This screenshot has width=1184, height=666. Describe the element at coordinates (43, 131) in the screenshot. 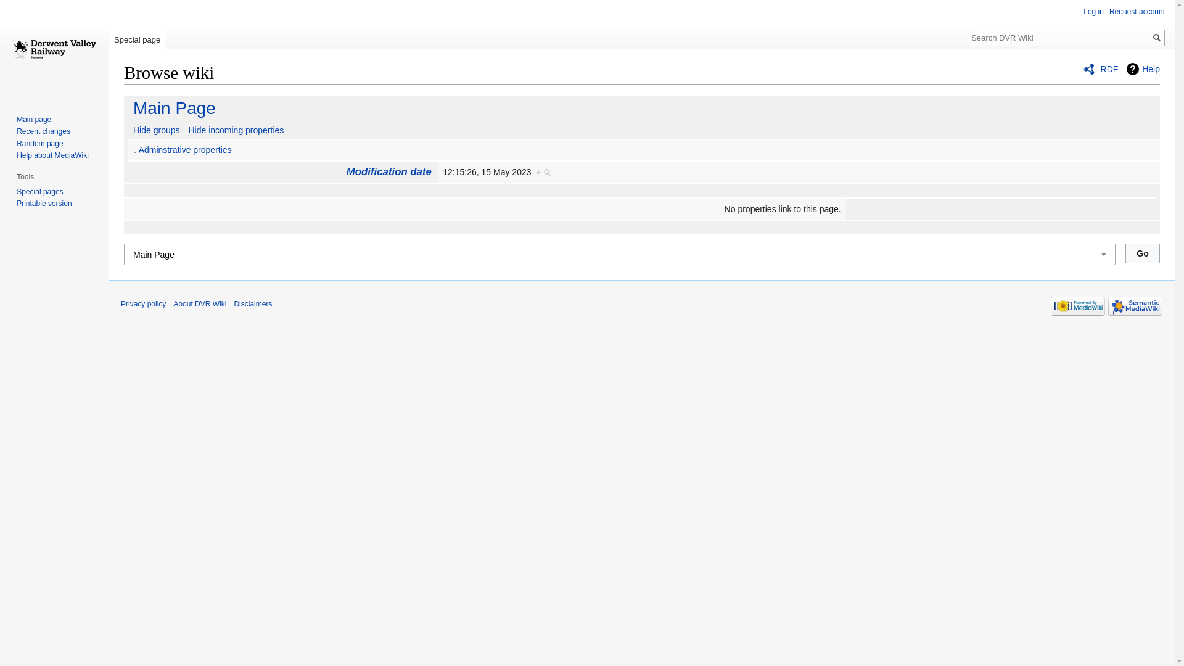

I see `'Recent changes'` at that location.